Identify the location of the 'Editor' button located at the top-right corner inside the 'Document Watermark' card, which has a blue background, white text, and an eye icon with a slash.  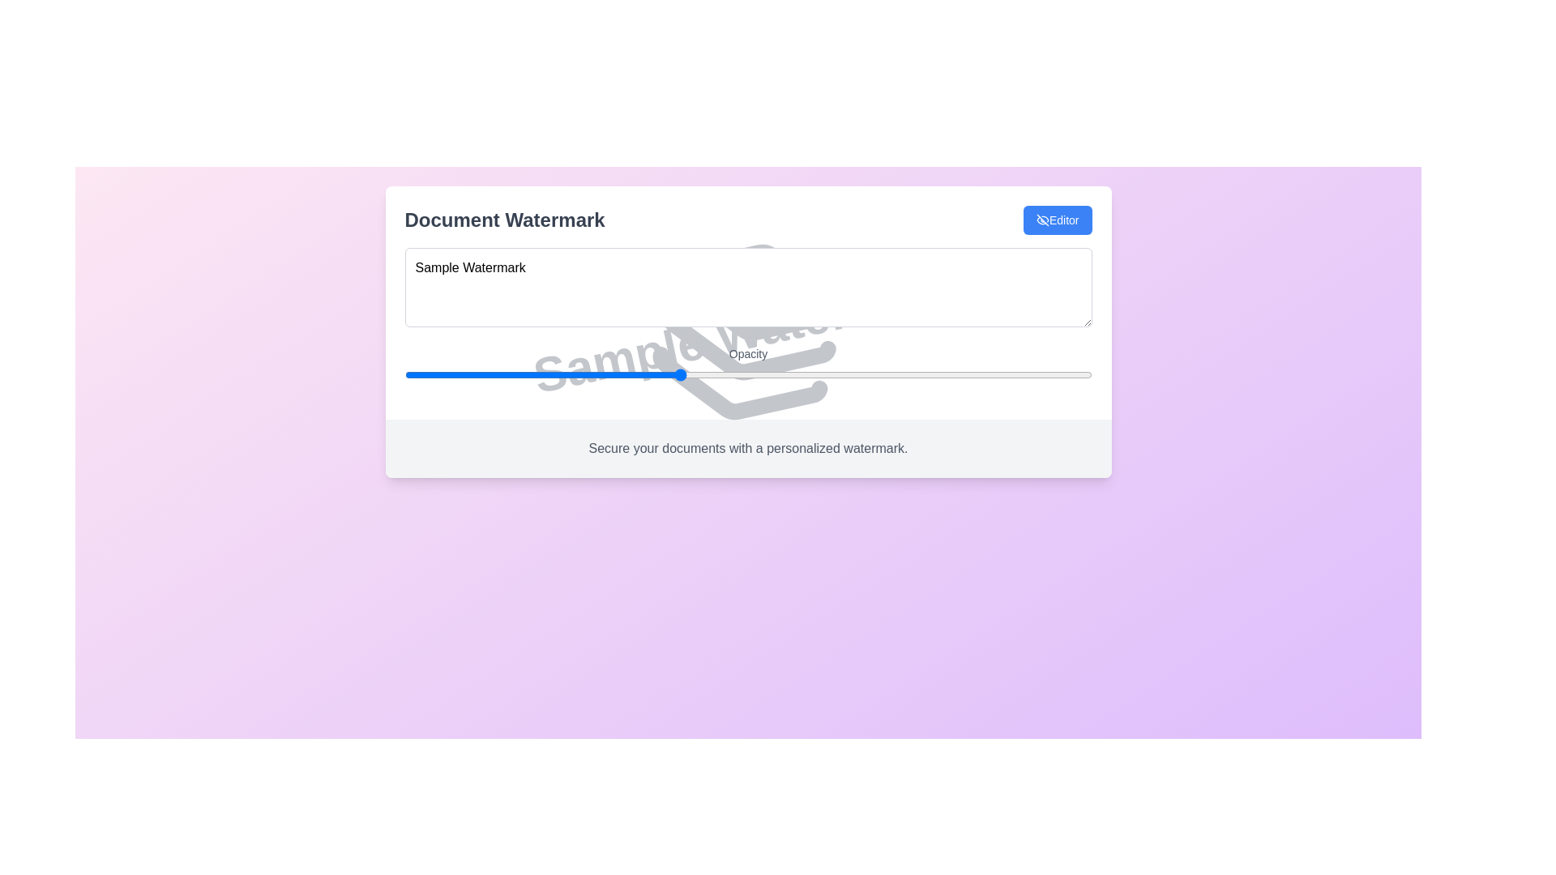
(1058, 220).